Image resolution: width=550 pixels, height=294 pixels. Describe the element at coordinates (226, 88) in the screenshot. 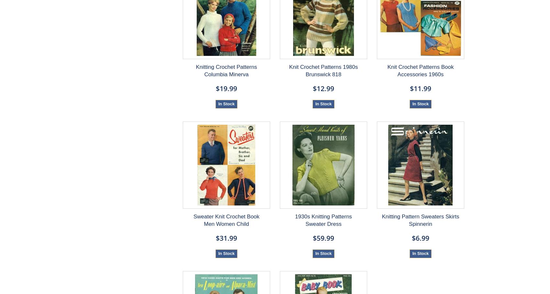

I see `'$19.99'` at that location.